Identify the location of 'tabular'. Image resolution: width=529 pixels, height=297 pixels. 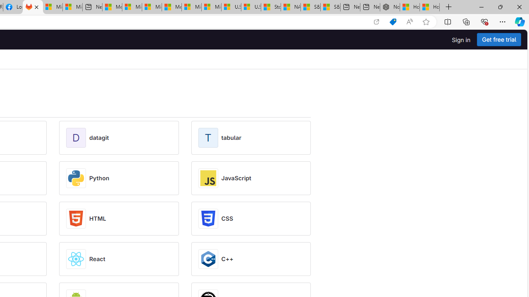
(231, 137).